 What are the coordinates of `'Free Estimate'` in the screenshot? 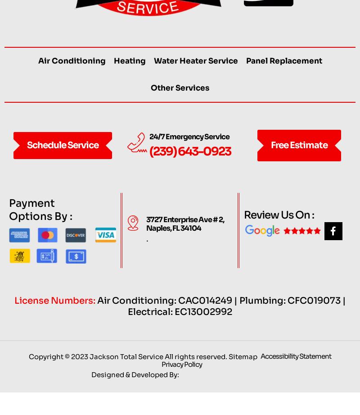 It's located at (299, 163).